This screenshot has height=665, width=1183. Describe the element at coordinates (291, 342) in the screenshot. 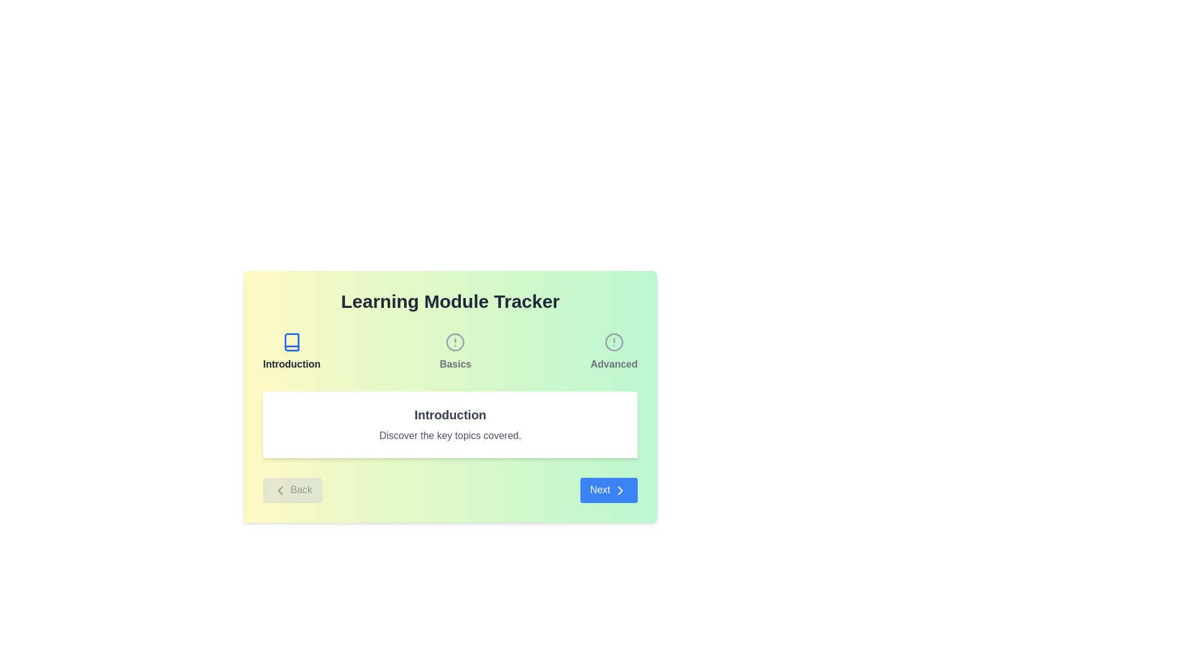

I see `the 'Introduction' icon, which is the leftmost icon in the trio of elements under the 'Learning Module Tracker' heading` at that location.